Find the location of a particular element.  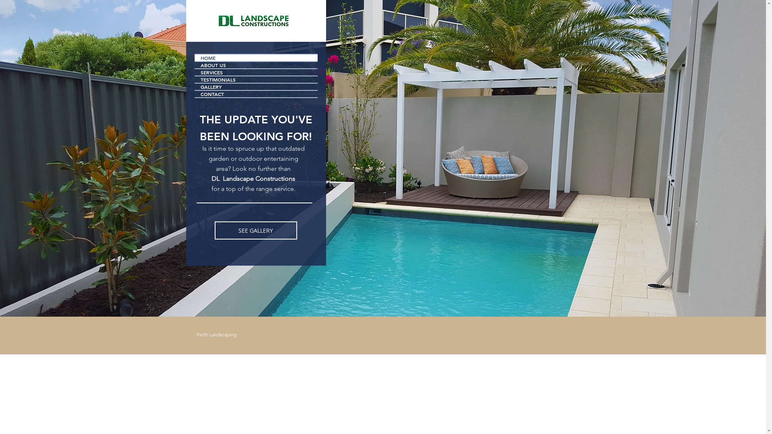

'HOME' is located at coordinates (195, 57).